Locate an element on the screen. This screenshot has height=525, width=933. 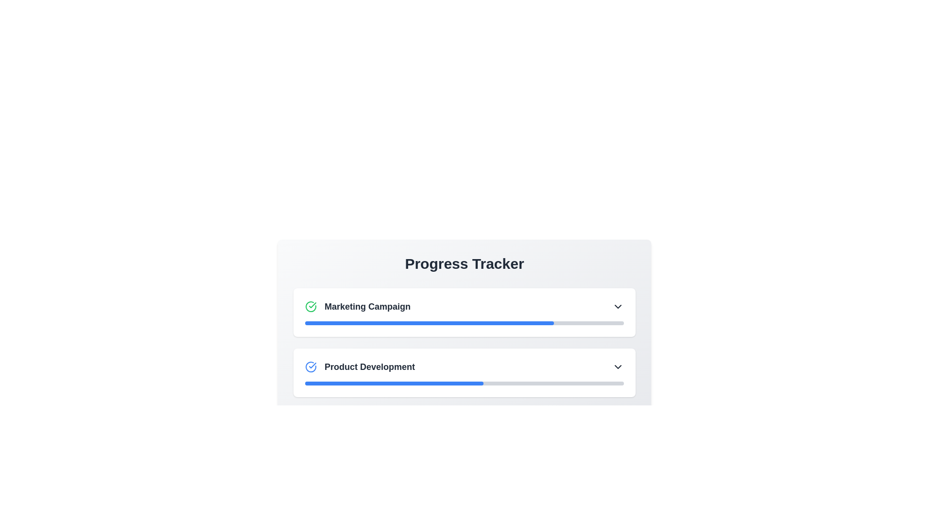
the progress indicator located in the 'Product Development' section of the 'Progress Tracker' to visually indicate the progress of a specific task is located at coordinates (394, 383).